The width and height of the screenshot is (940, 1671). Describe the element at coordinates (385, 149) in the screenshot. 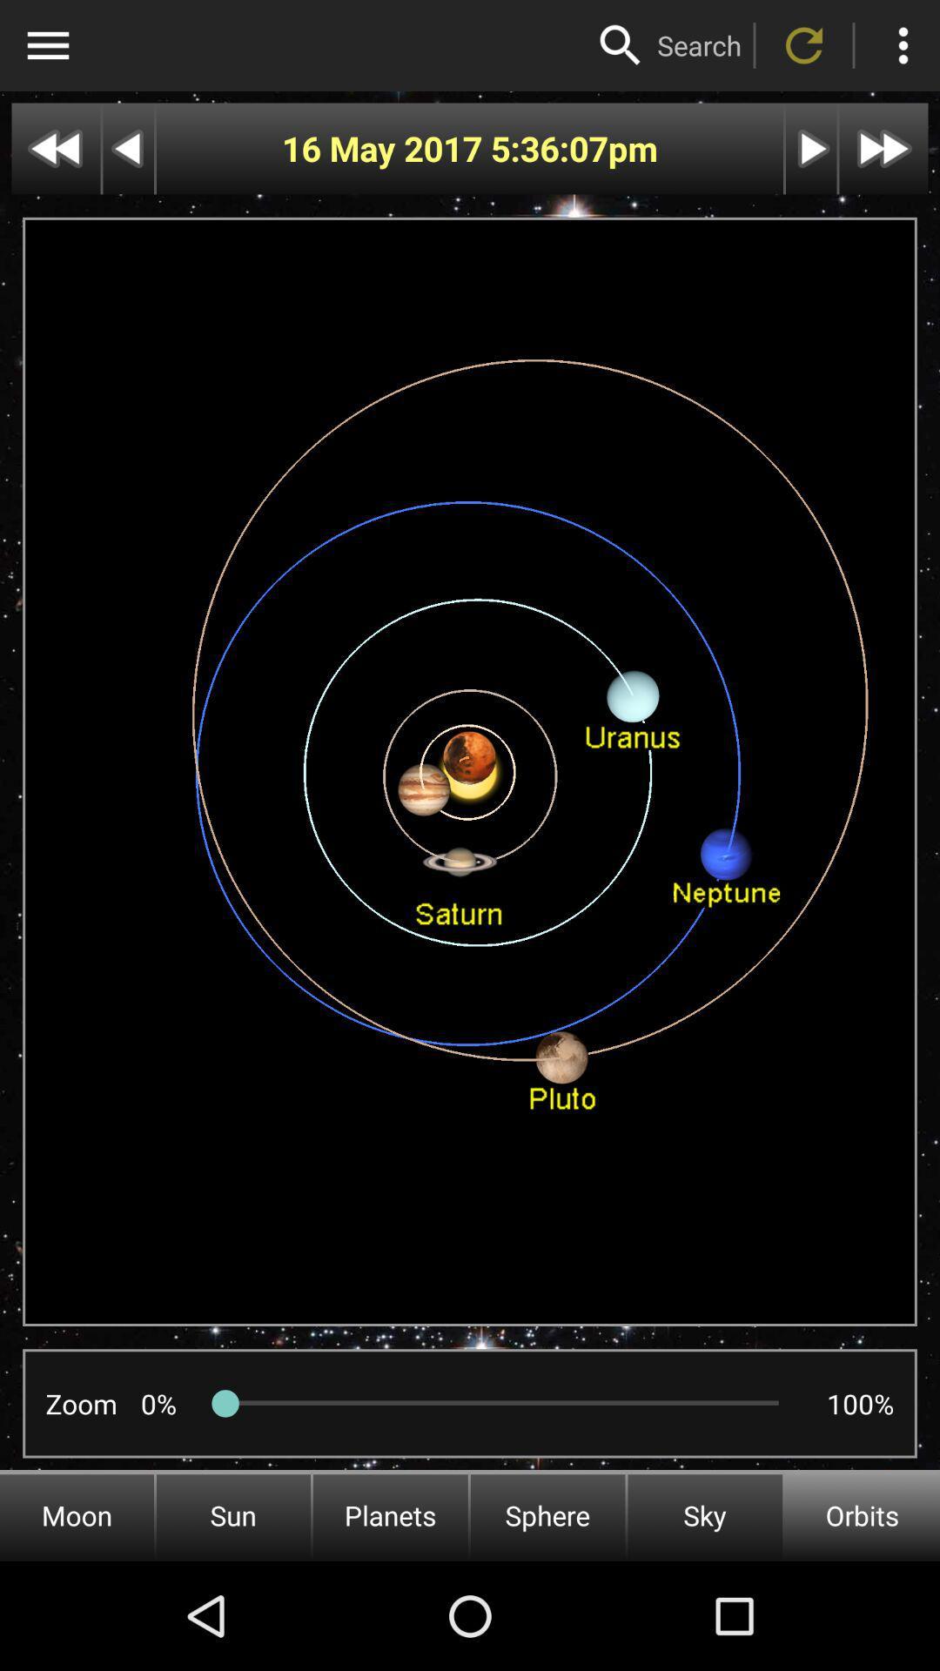

I see `16 may 2017  icon` at that location.